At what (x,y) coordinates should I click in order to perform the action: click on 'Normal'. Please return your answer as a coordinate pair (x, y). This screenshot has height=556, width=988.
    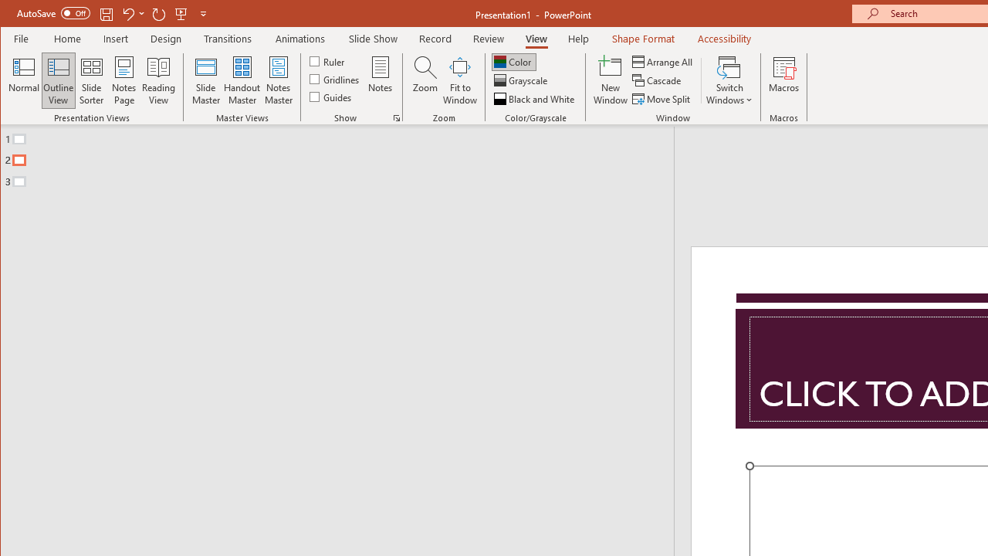
    Looking at the image, I should click on (24, 80).